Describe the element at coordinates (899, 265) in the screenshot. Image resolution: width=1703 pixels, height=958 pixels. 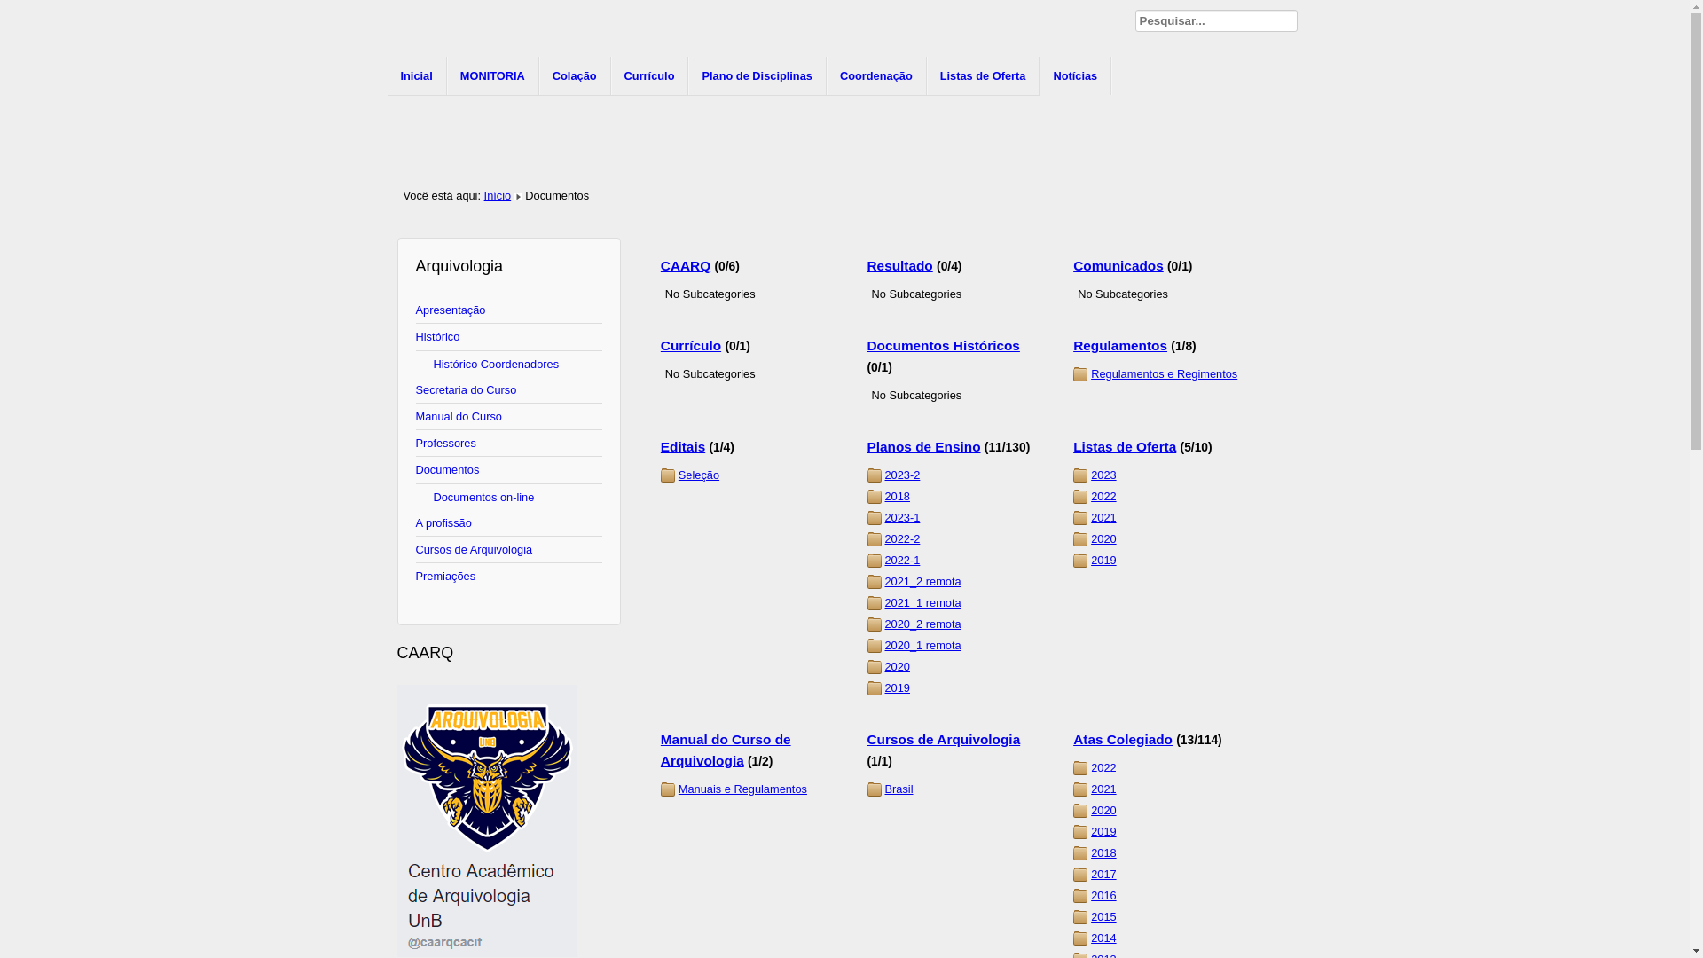
I see `'Resultado'` at that location.